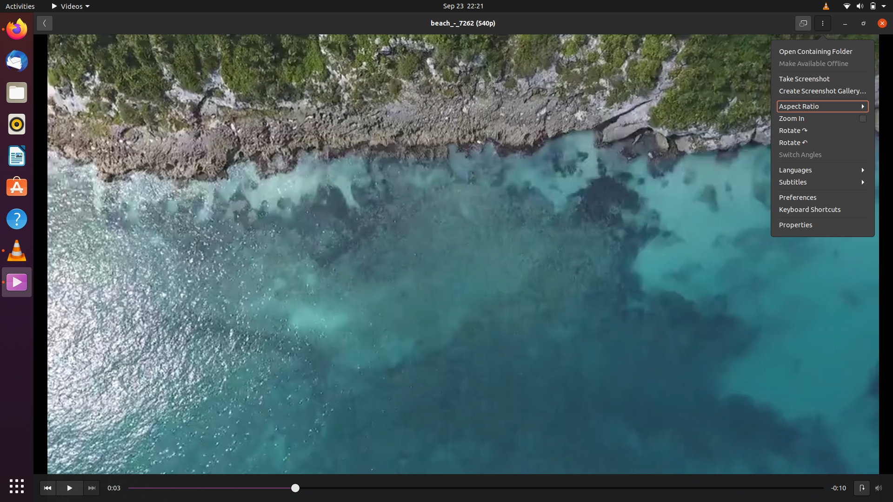  I want to click on Alter the video aspect ratio to 16:9, so click(823, 105).